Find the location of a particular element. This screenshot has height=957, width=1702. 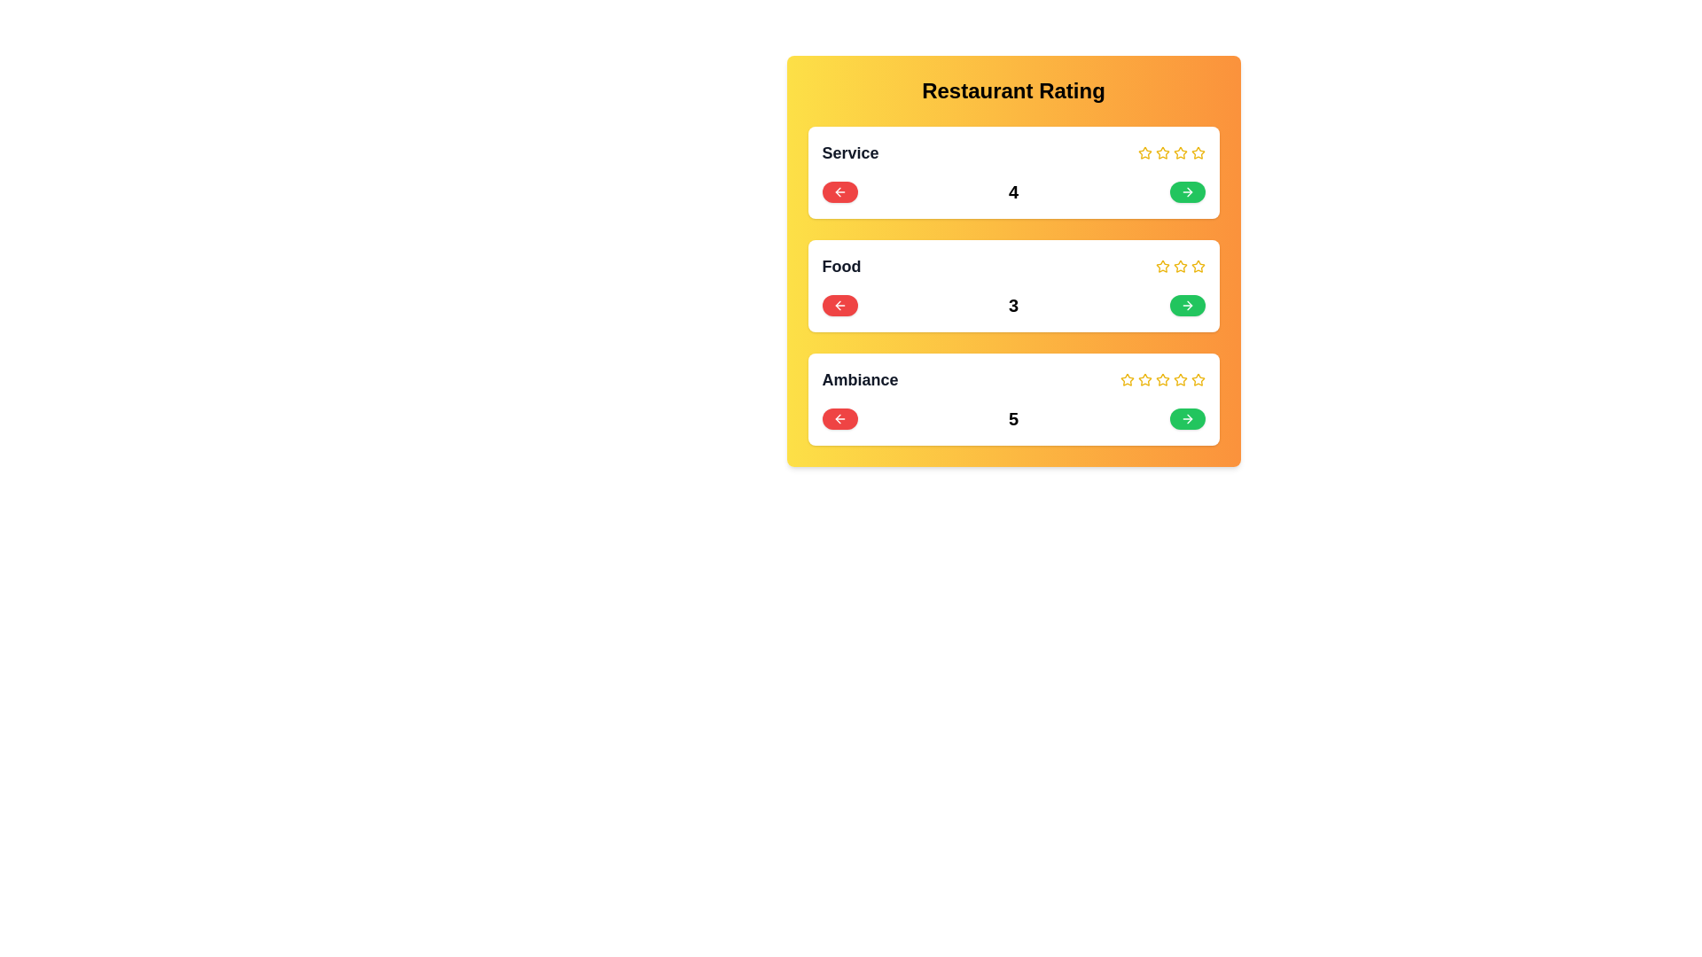

the rectangular section titled 'Service' with a white background, rounded edges, and slight shadow, which contains a red circular button with a left-pointing arrow, a green circular button with a right-pointing arrow, and a centered black numerical value '4' is located at coordinates (1013, 173).